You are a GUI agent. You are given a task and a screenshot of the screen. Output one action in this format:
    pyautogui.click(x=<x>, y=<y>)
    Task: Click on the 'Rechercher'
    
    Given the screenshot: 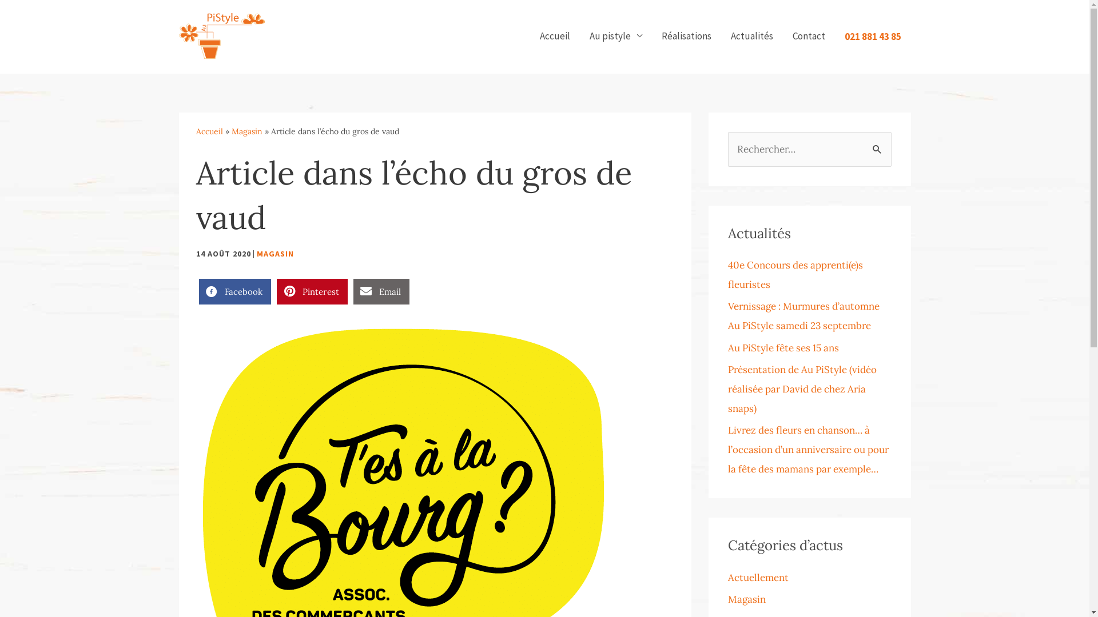 What is the action you would take?
    pyautogui.click(x=878, y=147)
    